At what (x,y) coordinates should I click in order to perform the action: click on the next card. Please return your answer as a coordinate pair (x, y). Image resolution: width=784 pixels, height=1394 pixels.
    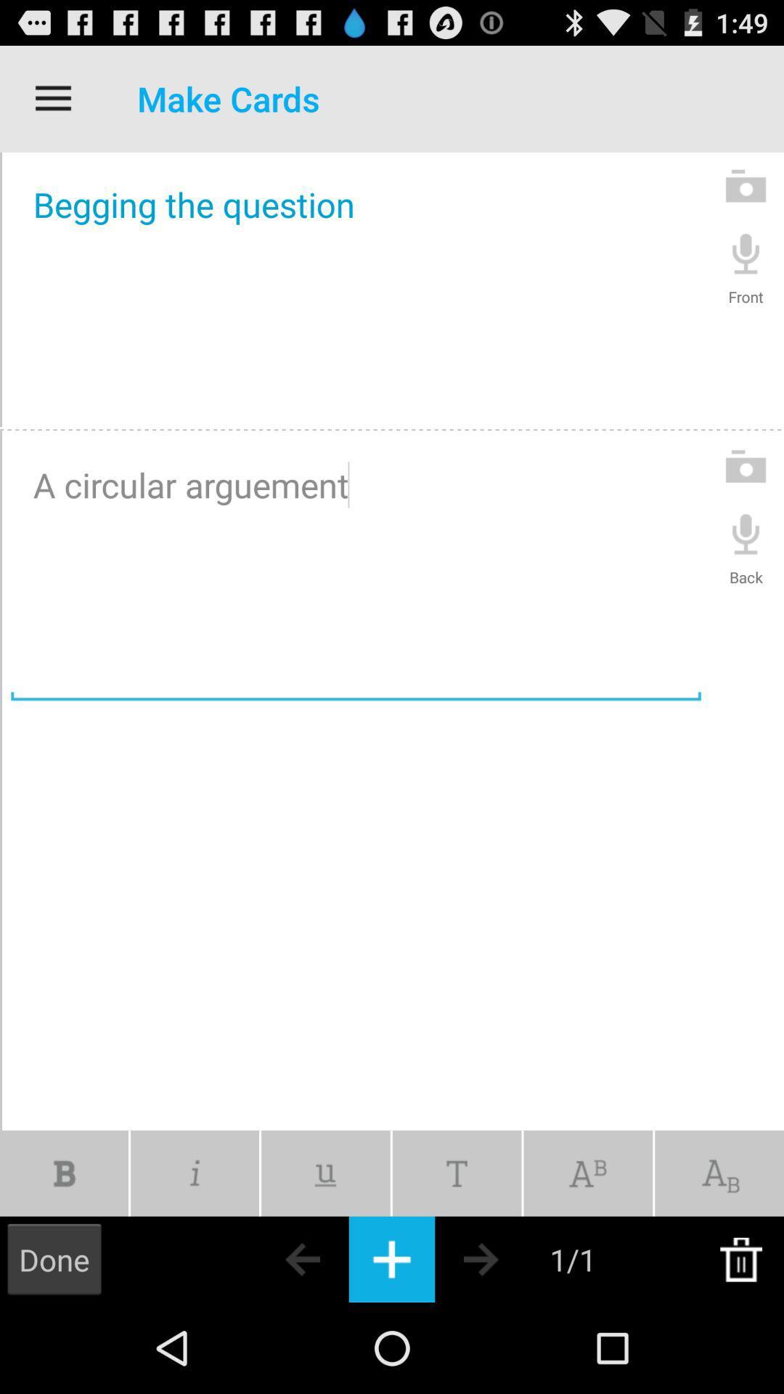
    Looking at the image, I should click on (506, 1258).